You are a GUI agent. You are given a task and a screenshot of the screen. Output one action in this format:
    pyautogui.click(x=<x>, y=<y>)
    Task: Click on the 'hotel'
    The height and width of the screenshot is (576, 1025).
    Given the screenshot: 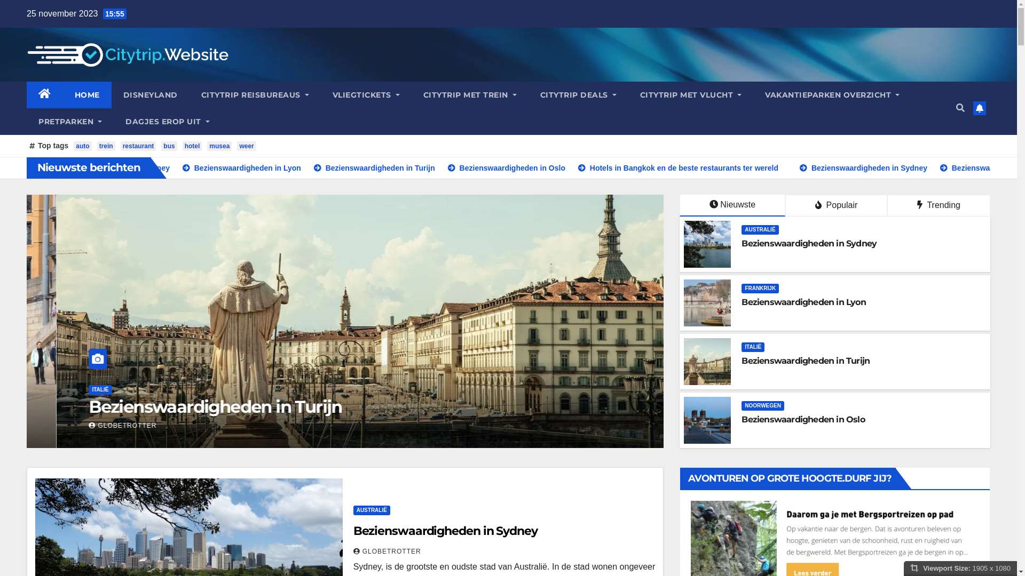 What is the action you would take?
    pyautogui.click(x=192, y=146)
    